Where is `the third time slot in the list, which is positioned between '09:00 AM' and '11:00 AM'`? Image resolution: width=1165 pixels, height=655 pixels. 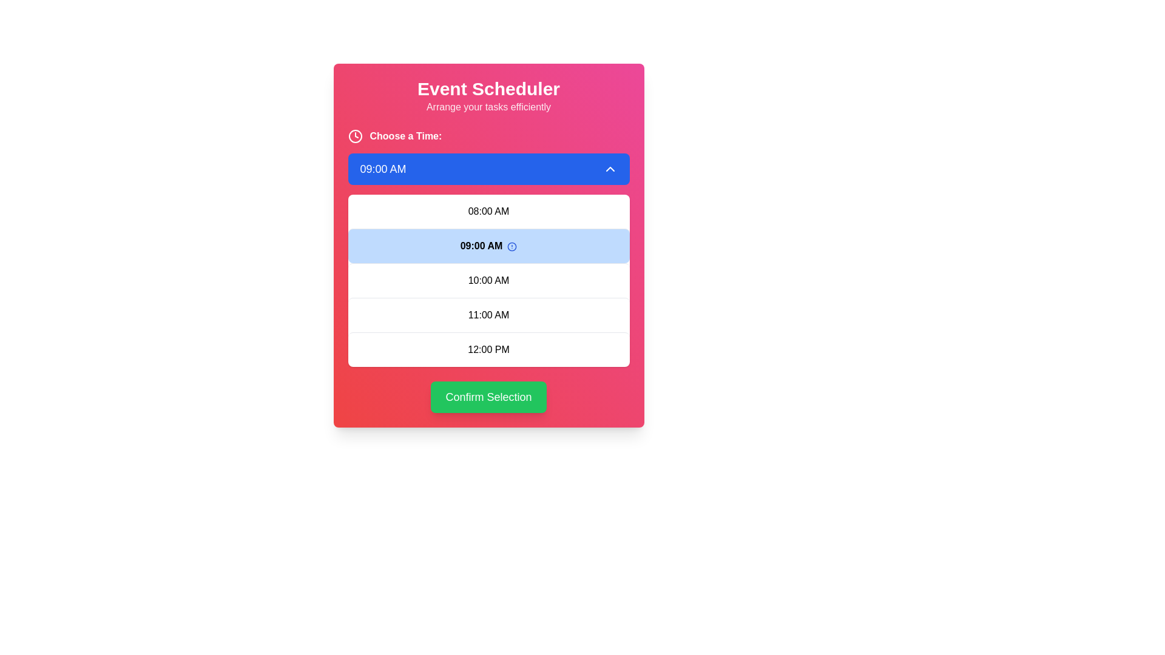 the third time slot in the list, which is positioned between '09:00 AM' and '11:00 AM' is located at coordinates (488, 280).